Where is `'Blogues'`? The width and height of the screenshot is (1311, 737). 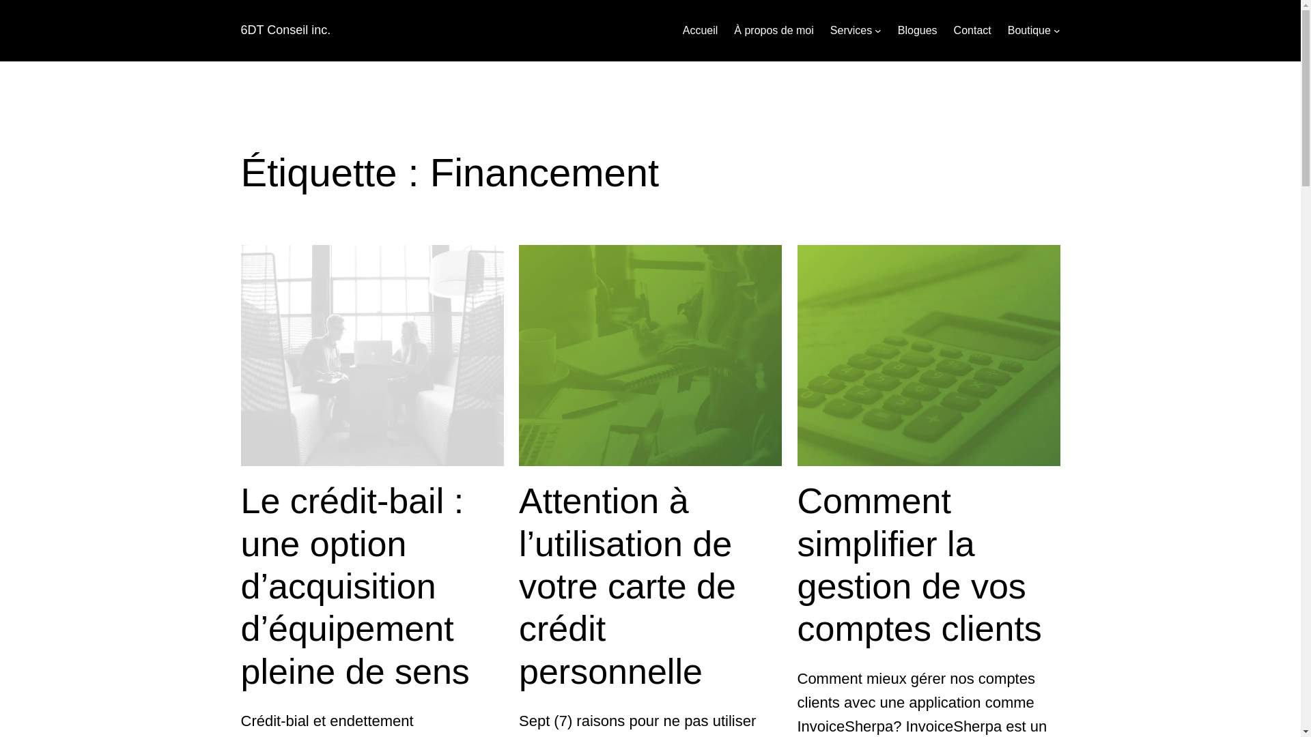 'Blogues' is located at coordinates (918, 31).